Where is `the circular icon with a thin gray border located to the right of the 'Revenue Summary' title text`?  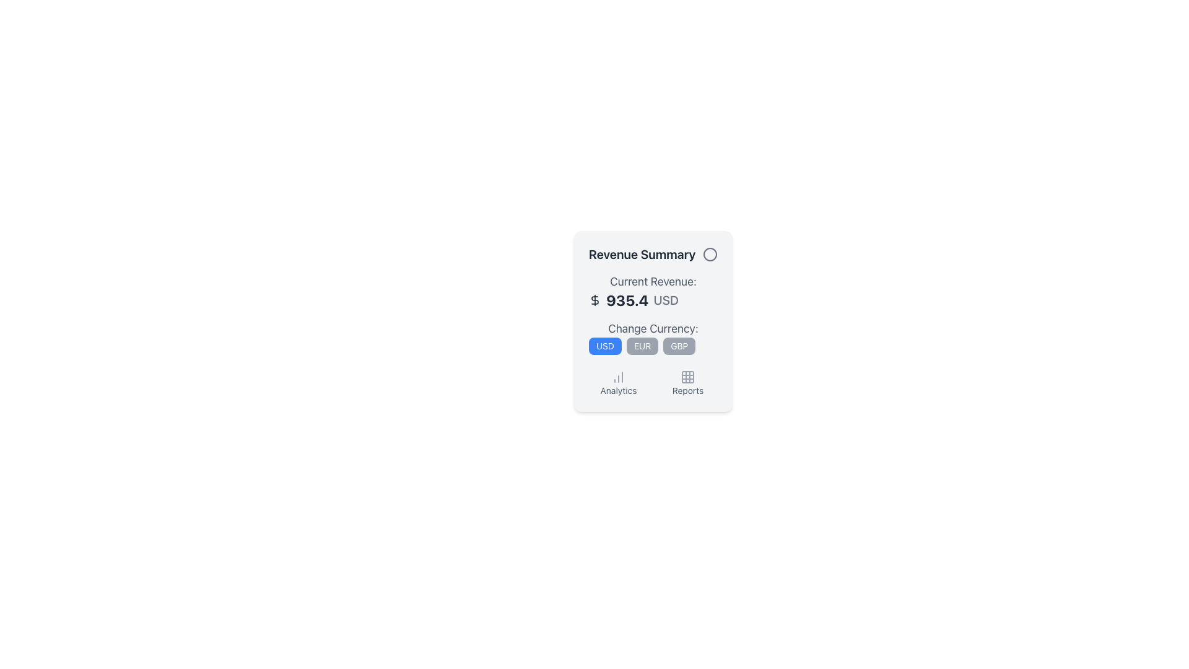 the circular icon with a thin gray border located to the right of the 'Revenue Summary' title text is located at coordinates (710, 254).